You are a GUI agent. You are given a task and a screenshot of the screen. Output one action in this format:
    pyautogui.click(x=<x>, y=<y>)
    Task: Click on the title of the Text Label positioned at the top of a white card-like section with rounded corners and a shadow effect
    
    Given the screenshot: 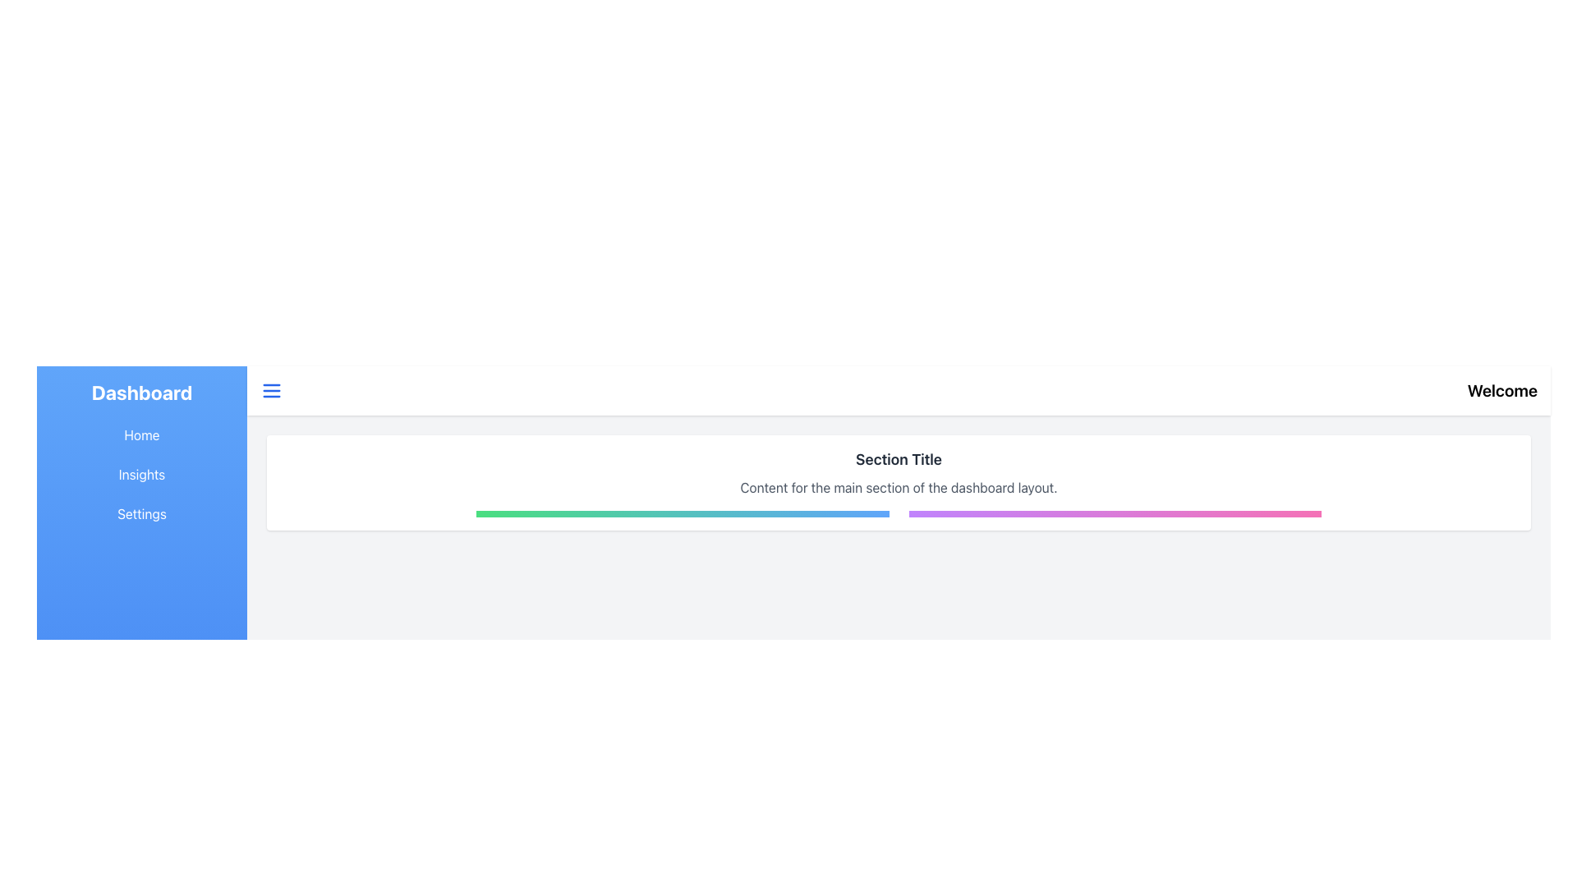 What is the action you would take?
    pyautogui.click(x=898, y=459)
    